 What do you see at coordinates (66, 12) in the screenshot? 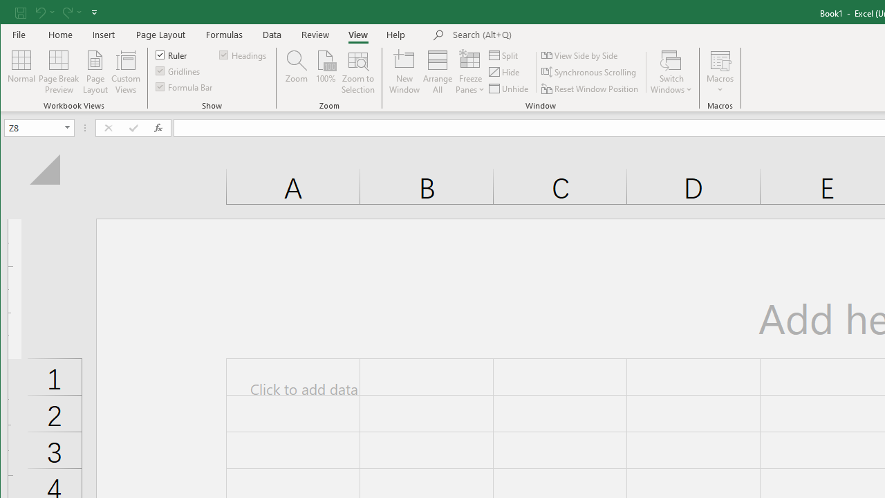
I see `'Redo'` at bounding box center [66, 12].